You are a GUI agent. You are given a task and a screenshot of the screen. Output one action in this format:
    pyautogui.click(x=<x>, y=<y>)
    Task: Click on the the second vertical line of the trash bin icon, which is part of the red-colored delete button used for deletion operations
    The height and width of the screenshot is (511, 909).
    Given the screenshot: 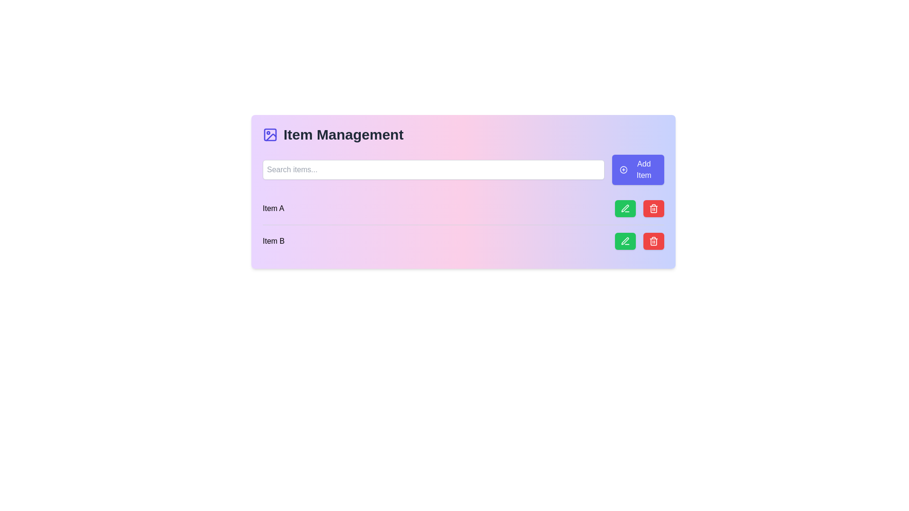 What is the action you would take?
    pyautogui.click(x=653, y=241)
    